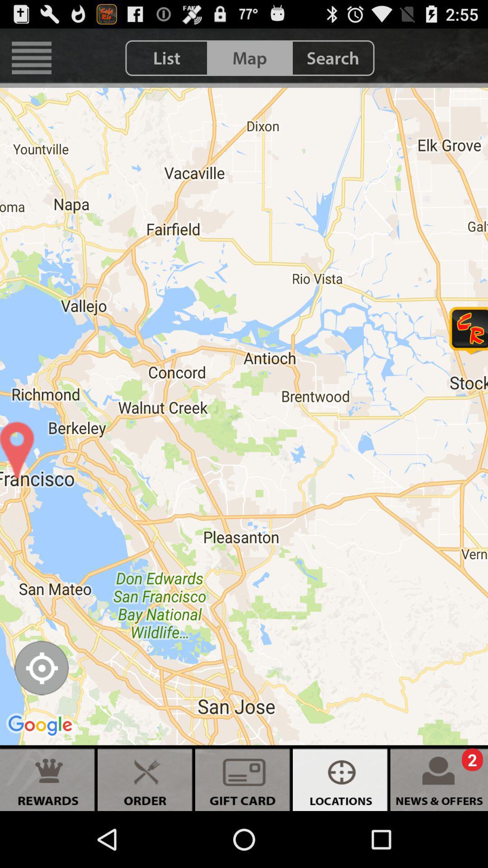 Image resolution: width=488 pixels, height=868 pixels. What do you see at coordinates (167, 57) in the screenshot?
I see `the item next to the map` at bounding box center [167, 57].